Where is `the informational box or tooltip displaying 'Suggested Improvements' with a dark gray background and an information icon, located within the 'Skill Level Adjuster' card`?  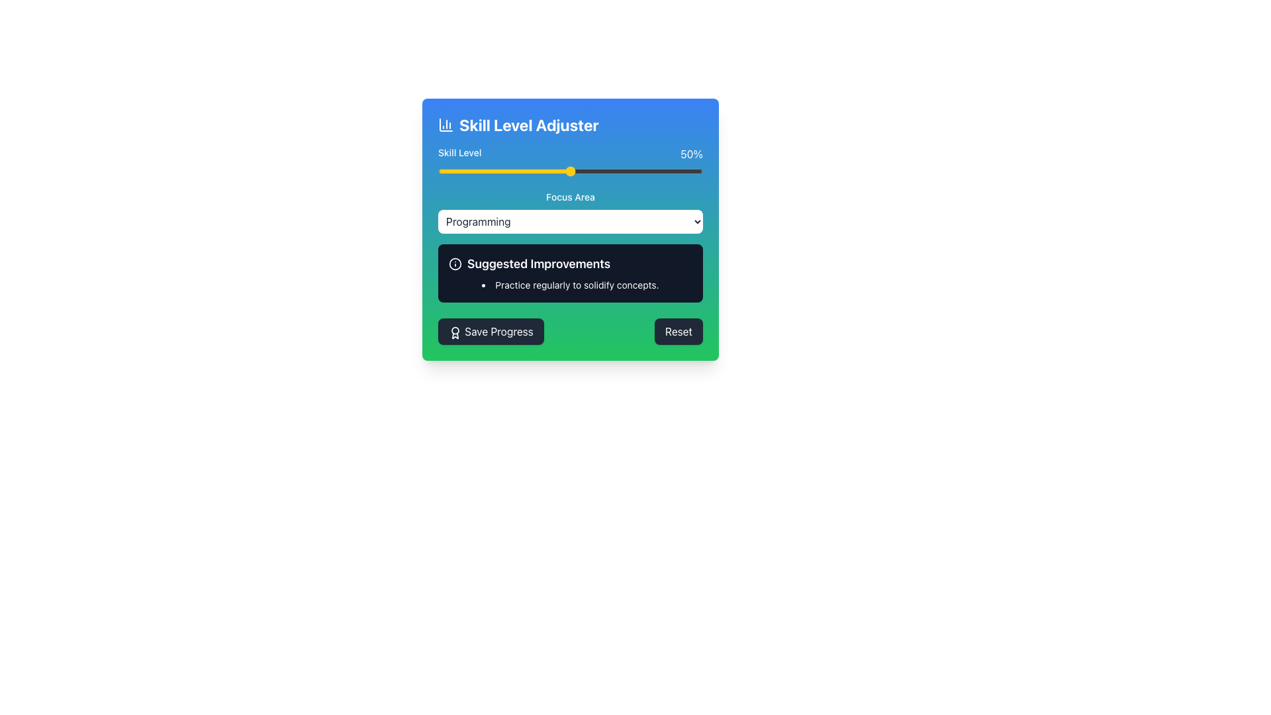
the informational box or tooltip displaying 'Suggested Improvements' with a dark gray background and an information icon, located within the 'Skill Level Adjuster' card is located at coordinates (571, 272).